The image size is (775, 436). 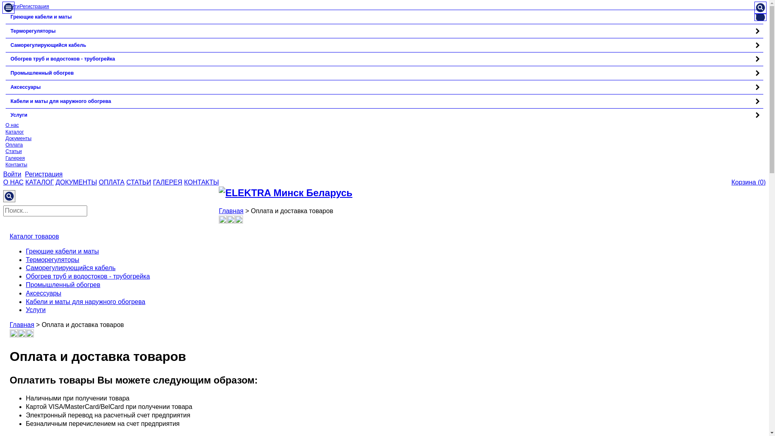 What do you see at coordinates (13, 335) in the screenshot?
I see `'Instagram'` at bounding box center [13, 335].